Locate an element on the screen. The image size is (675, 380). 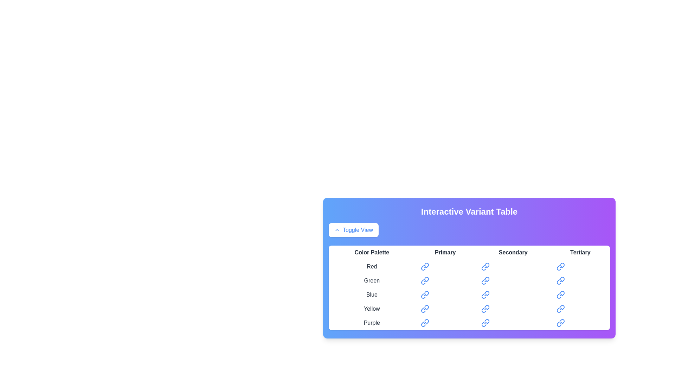
the hyperlink in the last row under the 'Primary' column of the 'Interactive Variant Table' associated with the 'Purple' color is located at coordinates (424, 323).